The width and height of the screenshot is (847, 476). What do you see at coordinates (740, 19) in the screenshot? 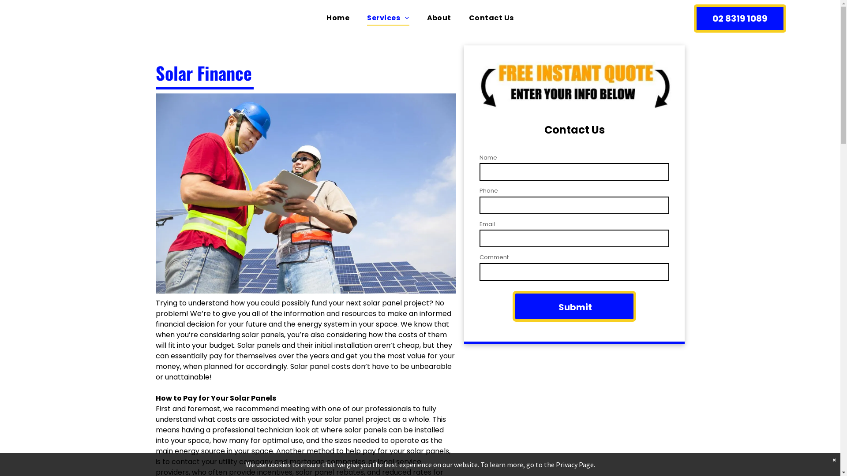
I see `'02 8319 1089'` at bounding box center [740, 19].